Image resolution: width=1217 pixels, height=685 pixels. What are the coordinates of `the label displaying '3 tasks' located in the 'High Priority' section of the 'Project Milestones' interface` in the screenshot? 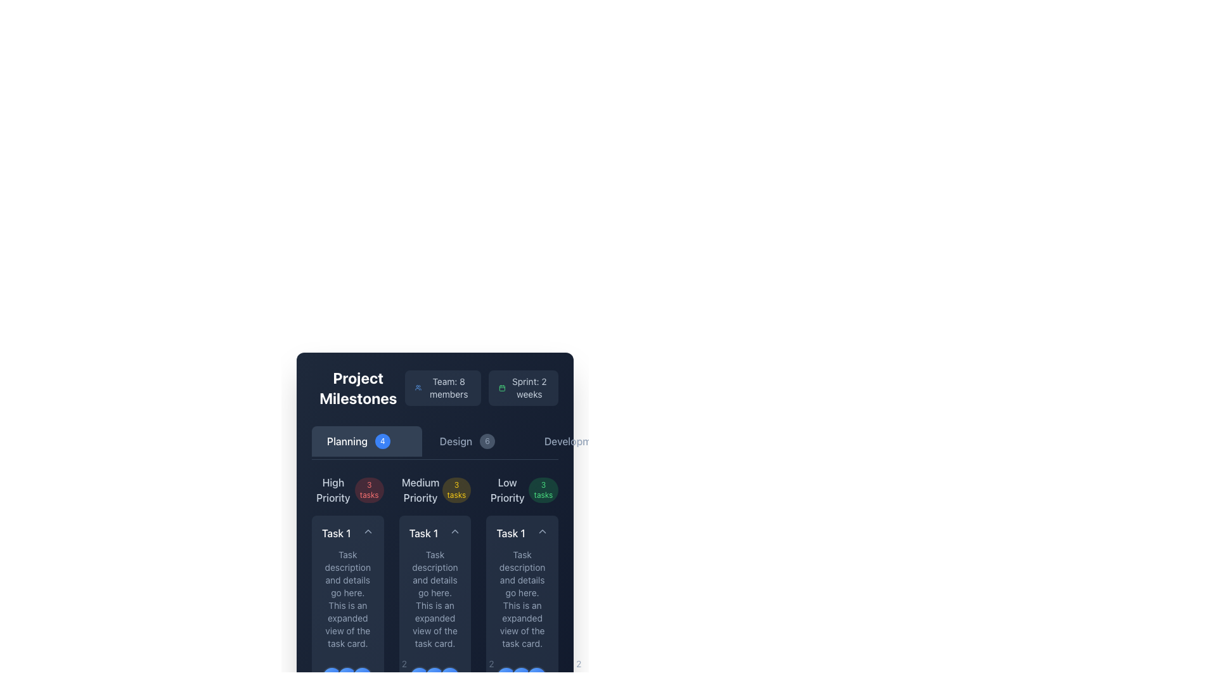 It's located at (368, 489).